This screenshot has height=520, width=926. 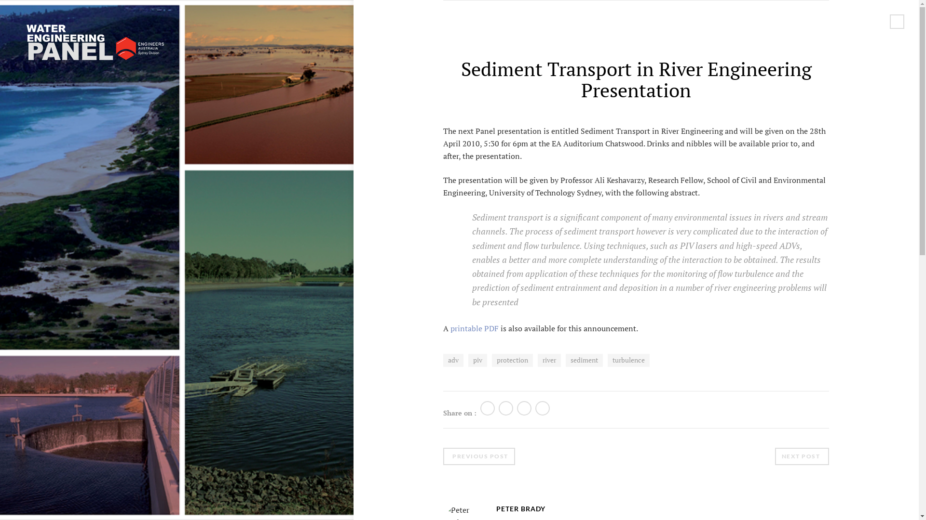 What do you see at coordinates (584, 360) in the screenshot?
I see `'sediment'` at bounding box center [584, 360].